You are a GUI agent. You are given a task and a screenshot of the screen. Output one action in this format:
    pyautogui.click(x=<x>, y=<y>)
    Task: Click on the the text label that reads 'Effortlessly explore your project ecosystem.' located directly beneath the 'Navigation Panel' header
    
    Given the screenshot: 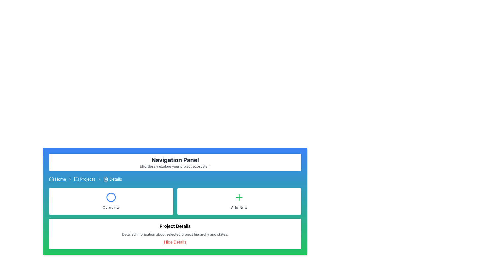 What is the action you would take?
    pyautogui.click(x=175, y=166)
    